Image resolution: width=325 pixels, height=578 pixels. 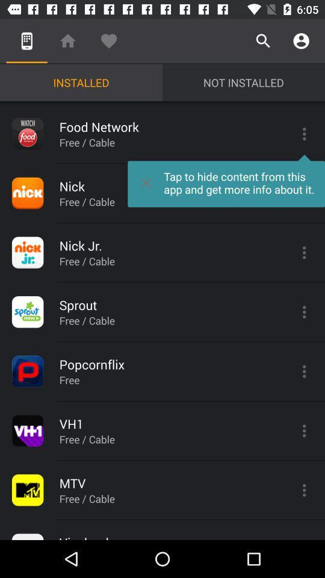 I want to click on the icon to the right of free / cable item, so click(x=226, y=180).